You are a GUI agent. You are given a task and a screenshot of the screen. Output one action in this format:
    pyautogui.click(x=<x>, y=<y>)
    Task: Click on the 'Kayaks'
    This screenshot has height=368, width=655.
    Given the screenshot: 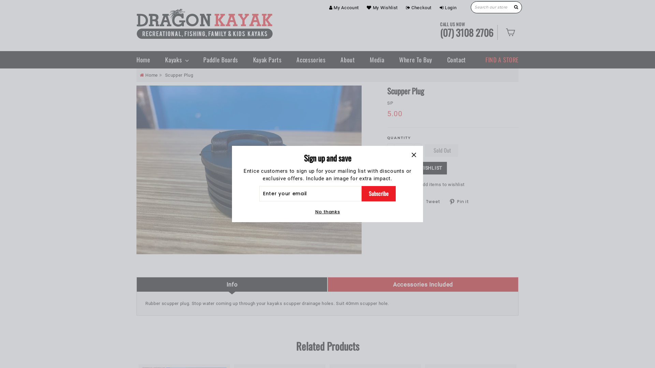 What is the action you would take?
    pyautogui.click(x=158, y=59)
    